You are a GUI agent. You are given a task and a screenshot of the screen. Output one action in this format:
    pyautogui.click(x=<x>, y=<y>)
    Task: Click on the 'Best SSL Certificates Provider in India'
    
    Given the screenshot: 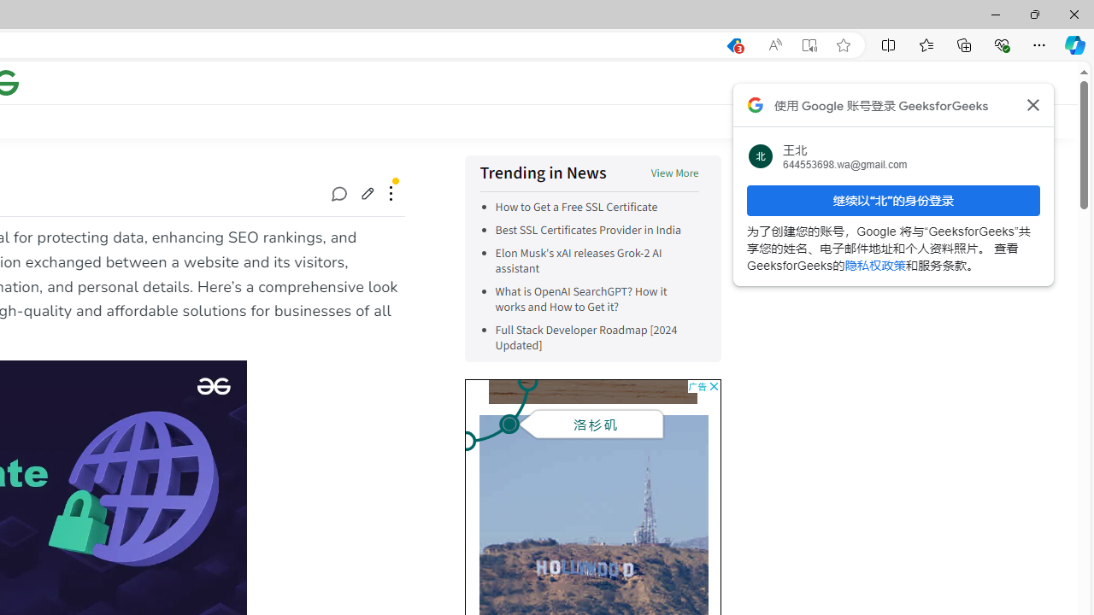 What is the action you would take?
    pyautogui.click(x=588, y=231)
    